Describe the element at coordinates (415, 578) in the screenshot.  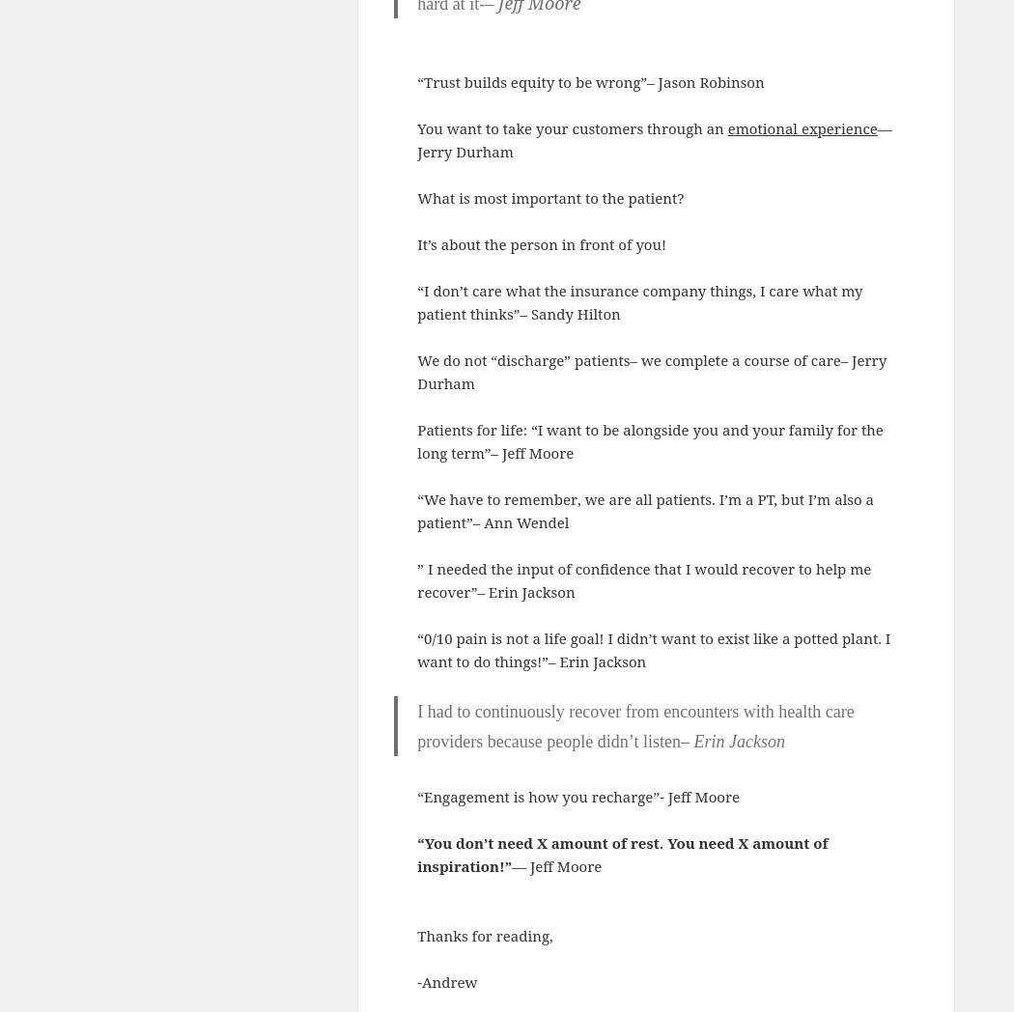
I see `'” I needed the input of confidence that I would recover to help me recover”– Erin Jackson'` at that location.